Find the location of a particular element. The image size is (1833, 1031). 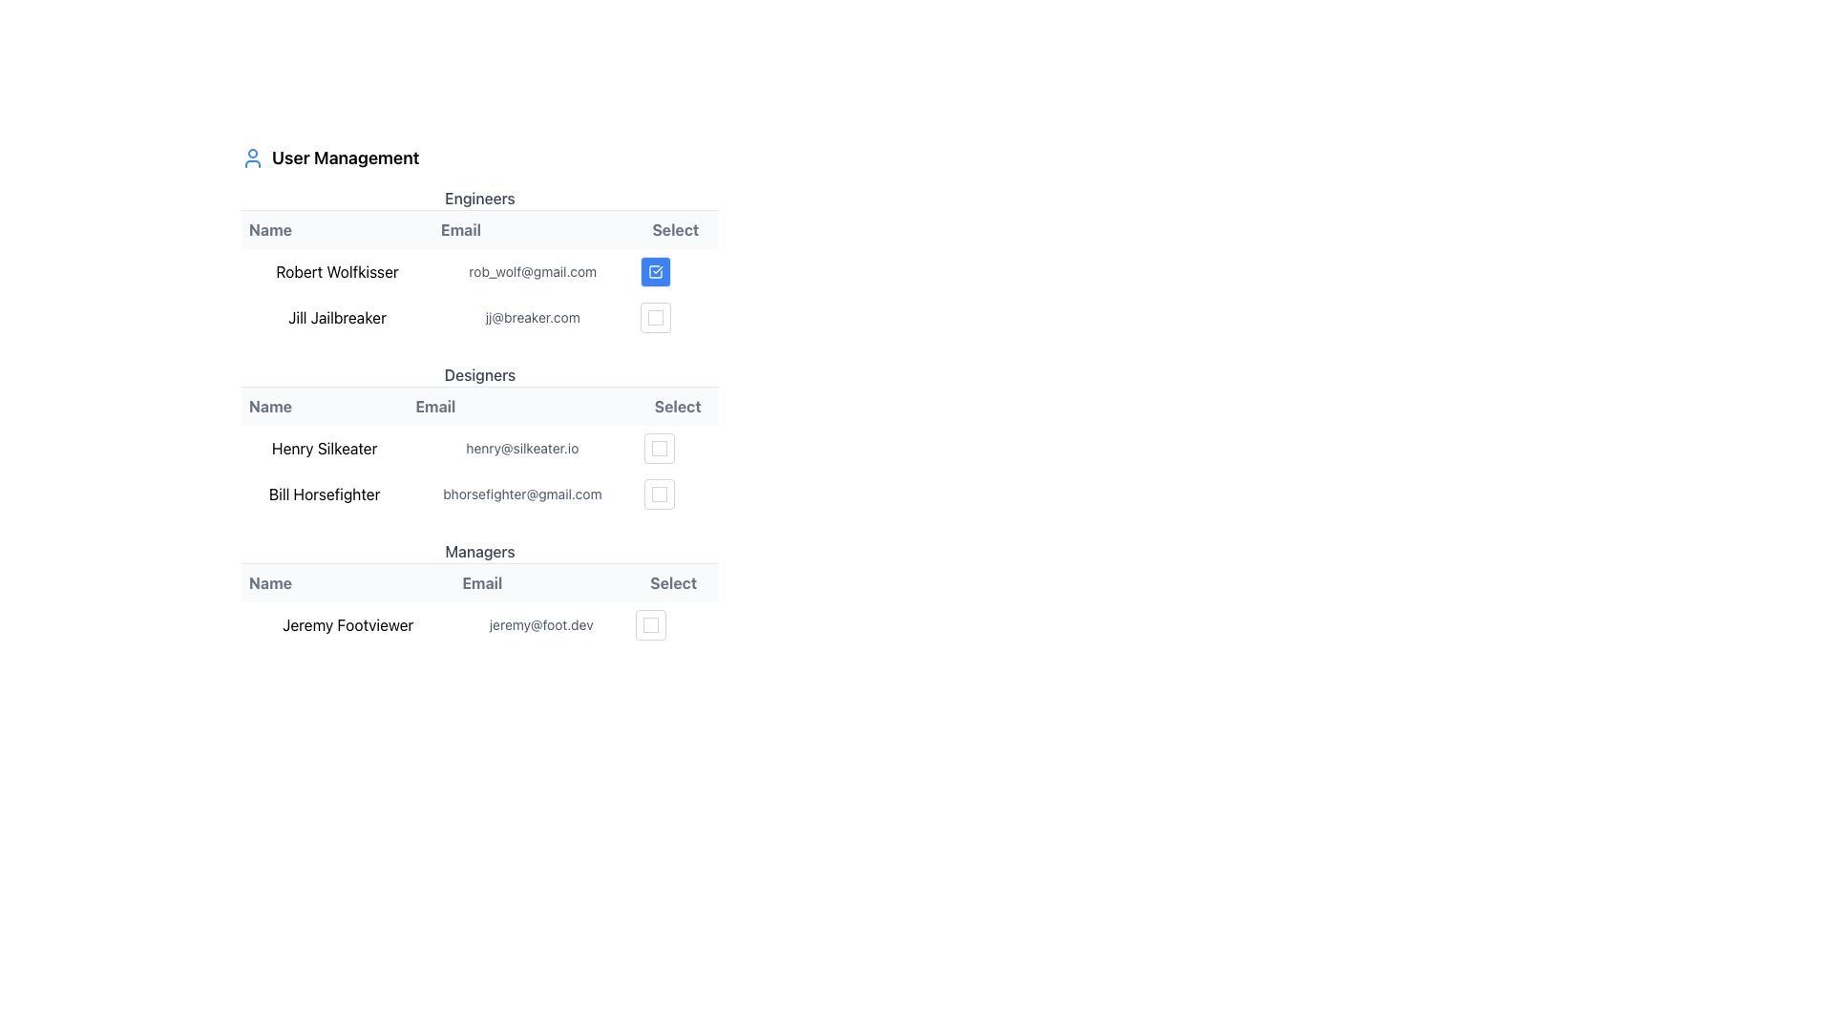

the Heading/Text Label that serves as a context for the managers' information, located between the 'Designers' section and the column headers for 'Name', 'Email', and 'Select' is located at coordinates (480, 552).